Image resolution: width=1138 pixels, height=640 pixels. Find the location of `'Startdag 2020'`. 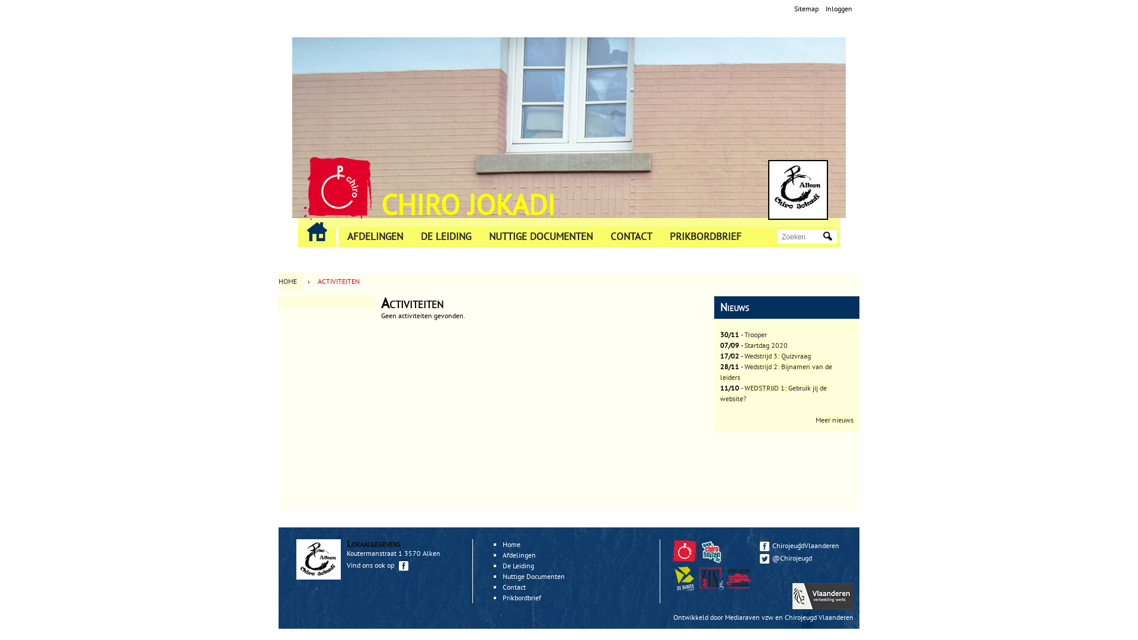

'Startdag 2020' is located at coordinates (766, 345).